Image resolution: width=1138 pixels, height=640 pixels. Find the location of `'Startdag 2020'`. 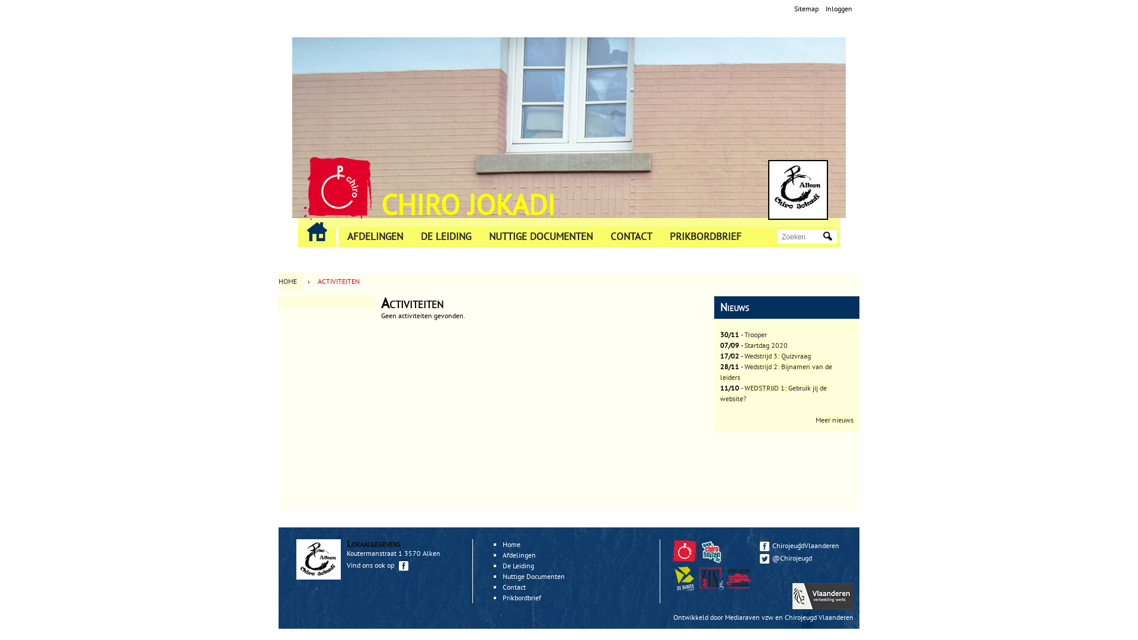

'Startdag 2020' is located at coordinates (766, 345).